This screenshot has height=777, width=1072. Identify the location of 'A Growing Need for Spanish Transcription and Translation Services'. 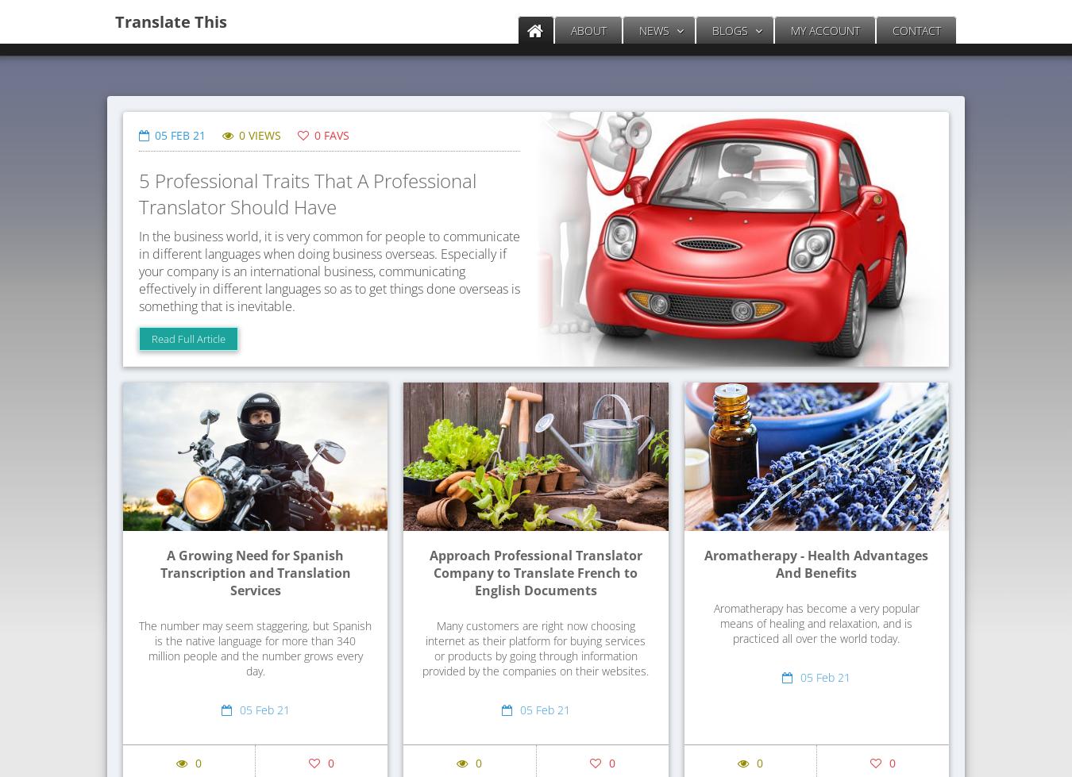
(160, 572).